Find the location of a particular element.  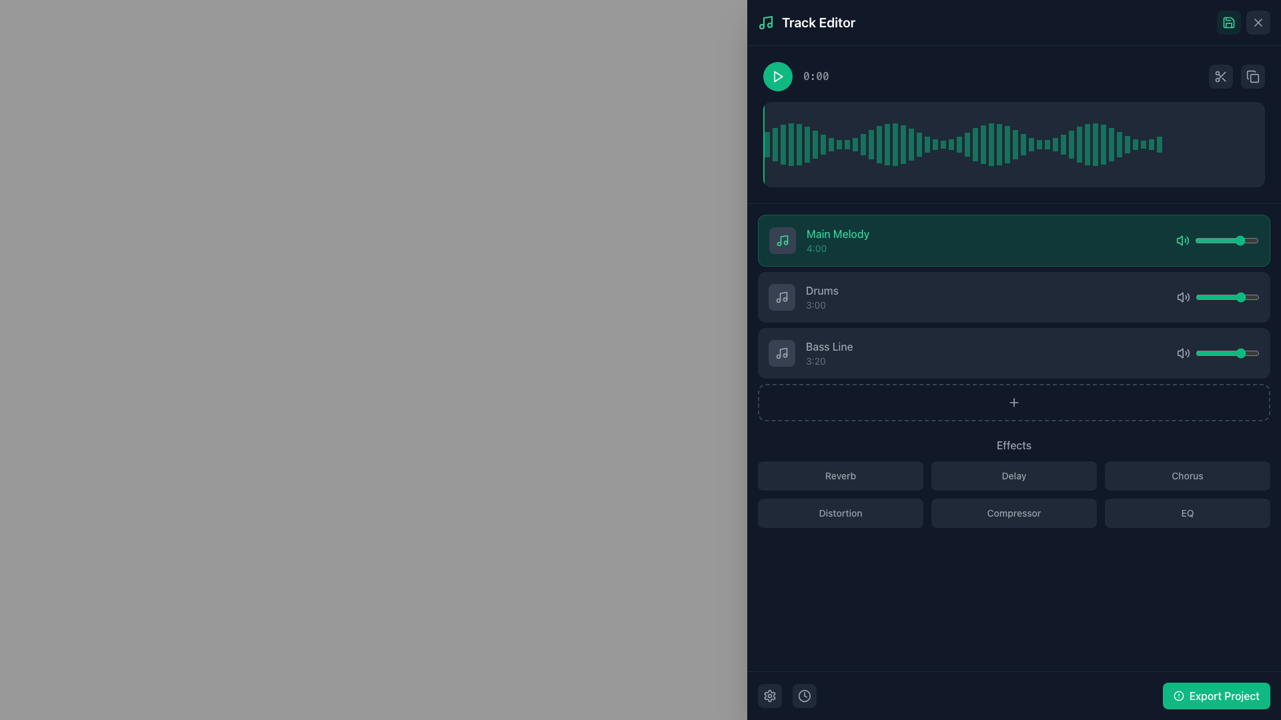

the fourth bar of the graphical waveform segment, which visually represents a segment of the waveform in the waveform display area at the top center of the editor panel is located at coordinates (791, 144).